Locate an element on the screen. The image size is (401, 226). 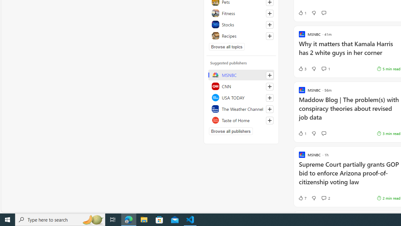
'USA TODAY' is located at coordinates (241, 98).